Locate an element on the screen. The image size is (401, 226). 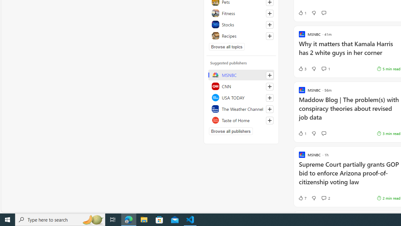
'USA TODAY' is located at coordinates (241, 98).